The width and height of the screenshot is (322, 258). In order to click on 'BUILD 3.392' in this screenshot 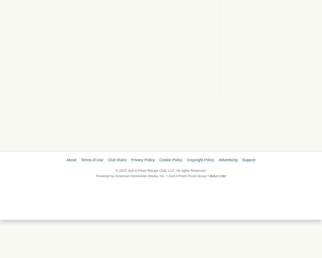, I will do `click(217, 176)`.